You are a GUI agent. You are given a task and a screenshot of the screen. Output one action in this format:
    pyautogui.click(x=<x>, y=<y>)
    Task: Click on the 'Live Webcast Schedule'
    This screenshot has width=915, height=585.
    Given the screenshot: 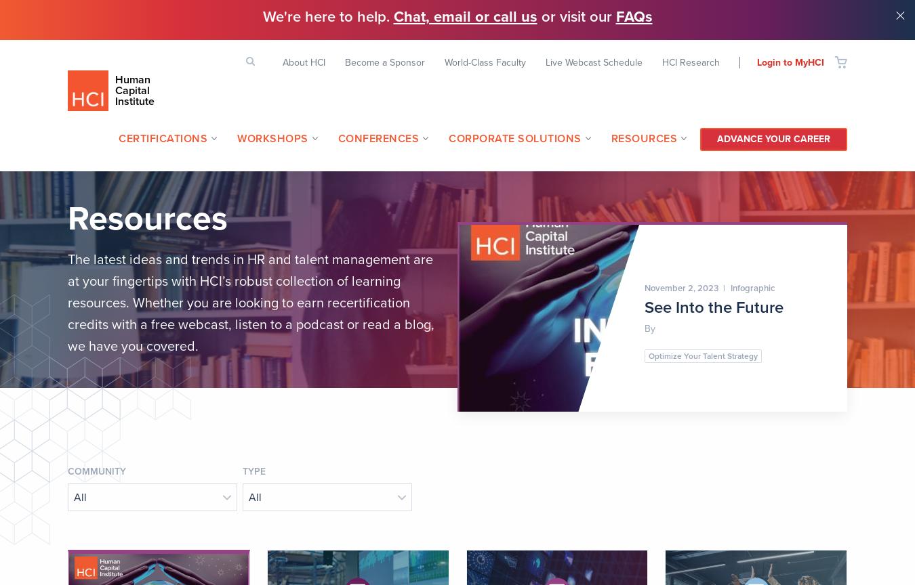 What is the action you would take?
    pyautogui.click(x=594, y=62)
    